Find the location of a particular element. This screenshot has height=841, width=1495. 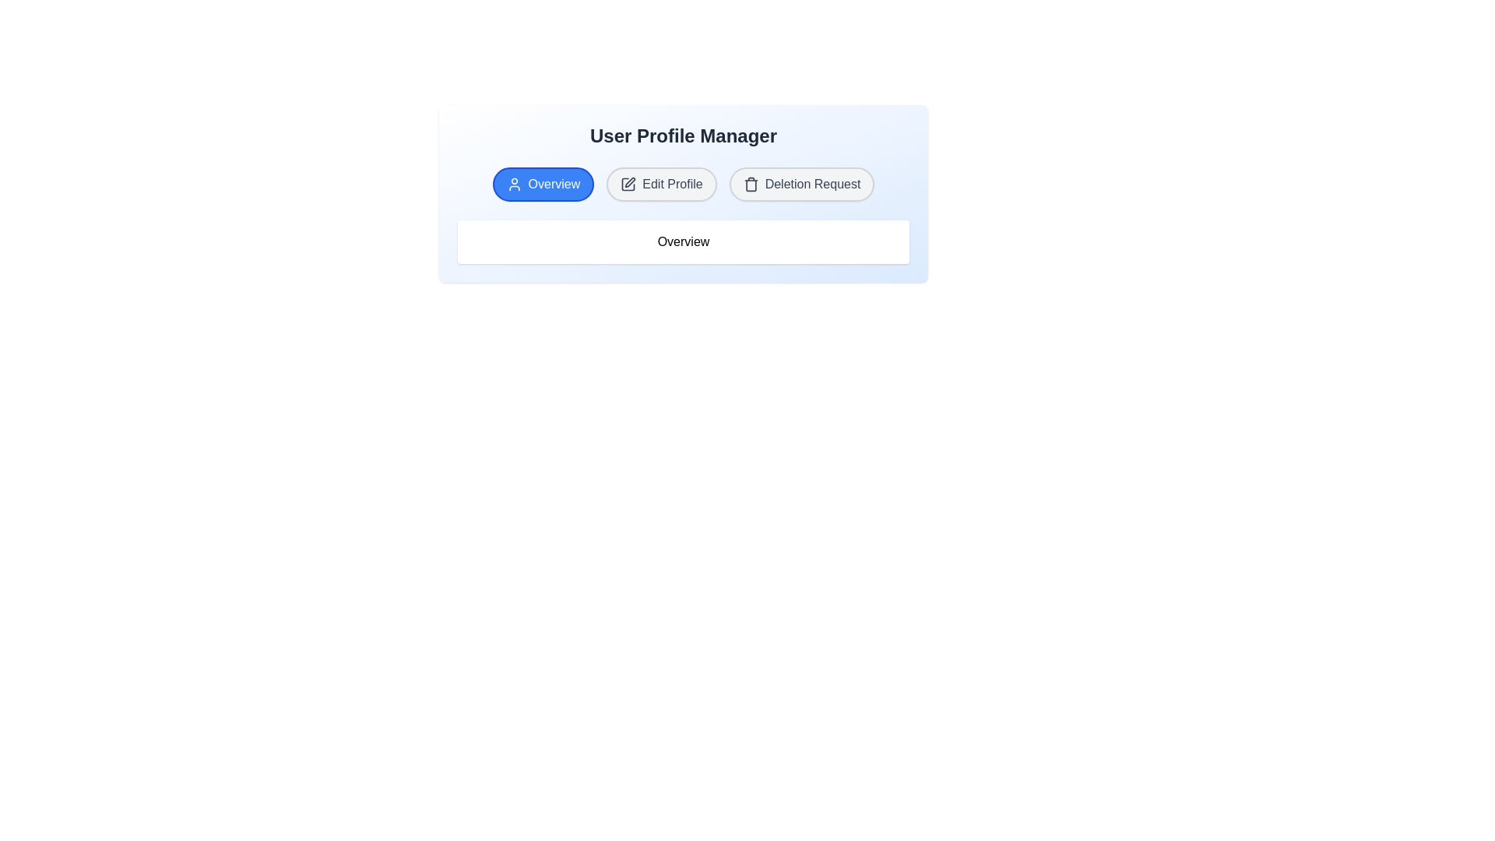

the icon of the Deletion Request tab is located at coordinates (751, 183).